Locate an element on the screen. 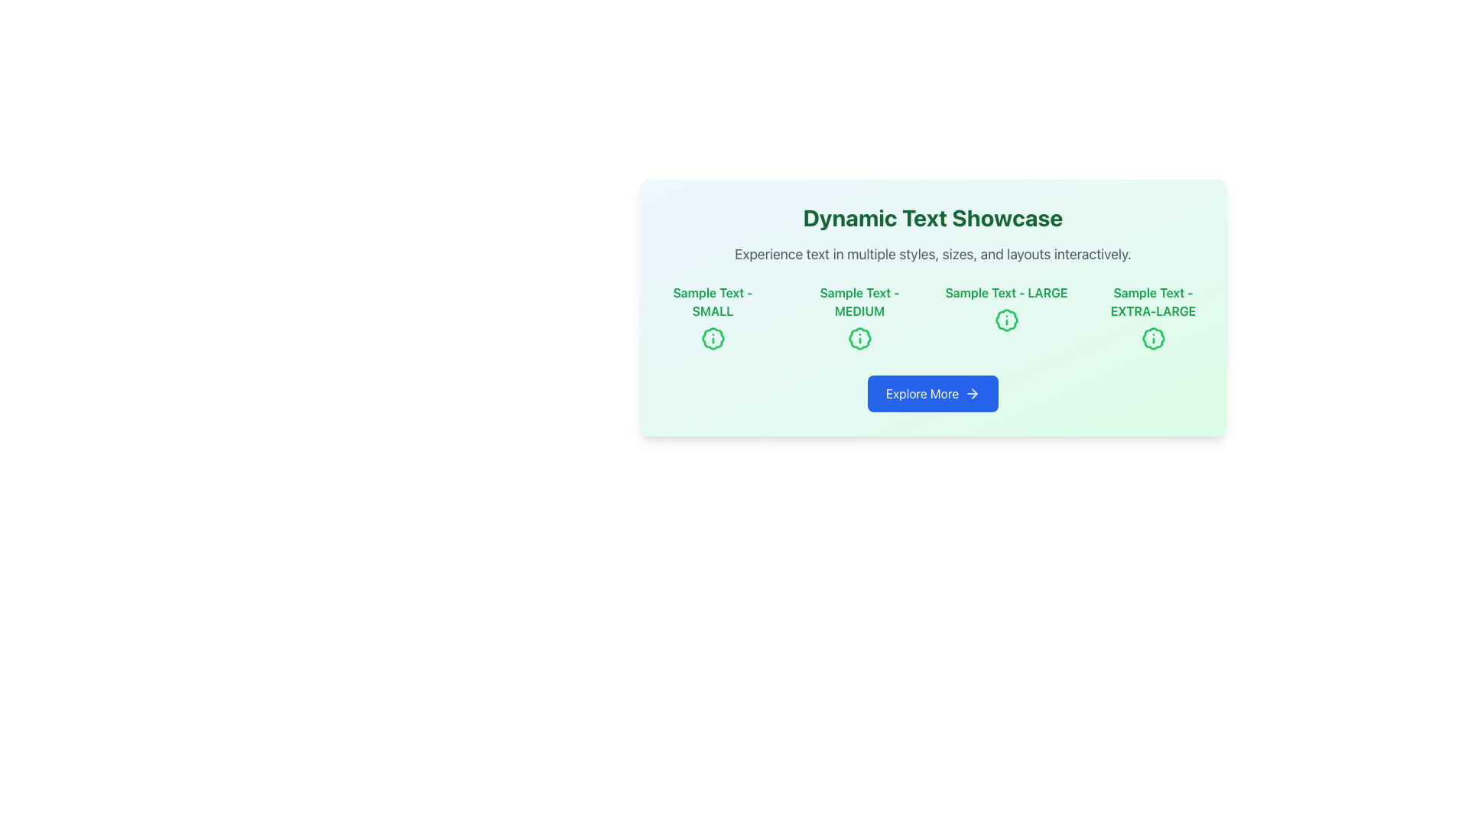 The image size is (1468, 826). the graphical icon representing 'Sample Text - LARGE', which is the third icon in a horizontal row of four, located below the heading 'Dynamic Text Showcase' is located at coordinates (1006, 320).